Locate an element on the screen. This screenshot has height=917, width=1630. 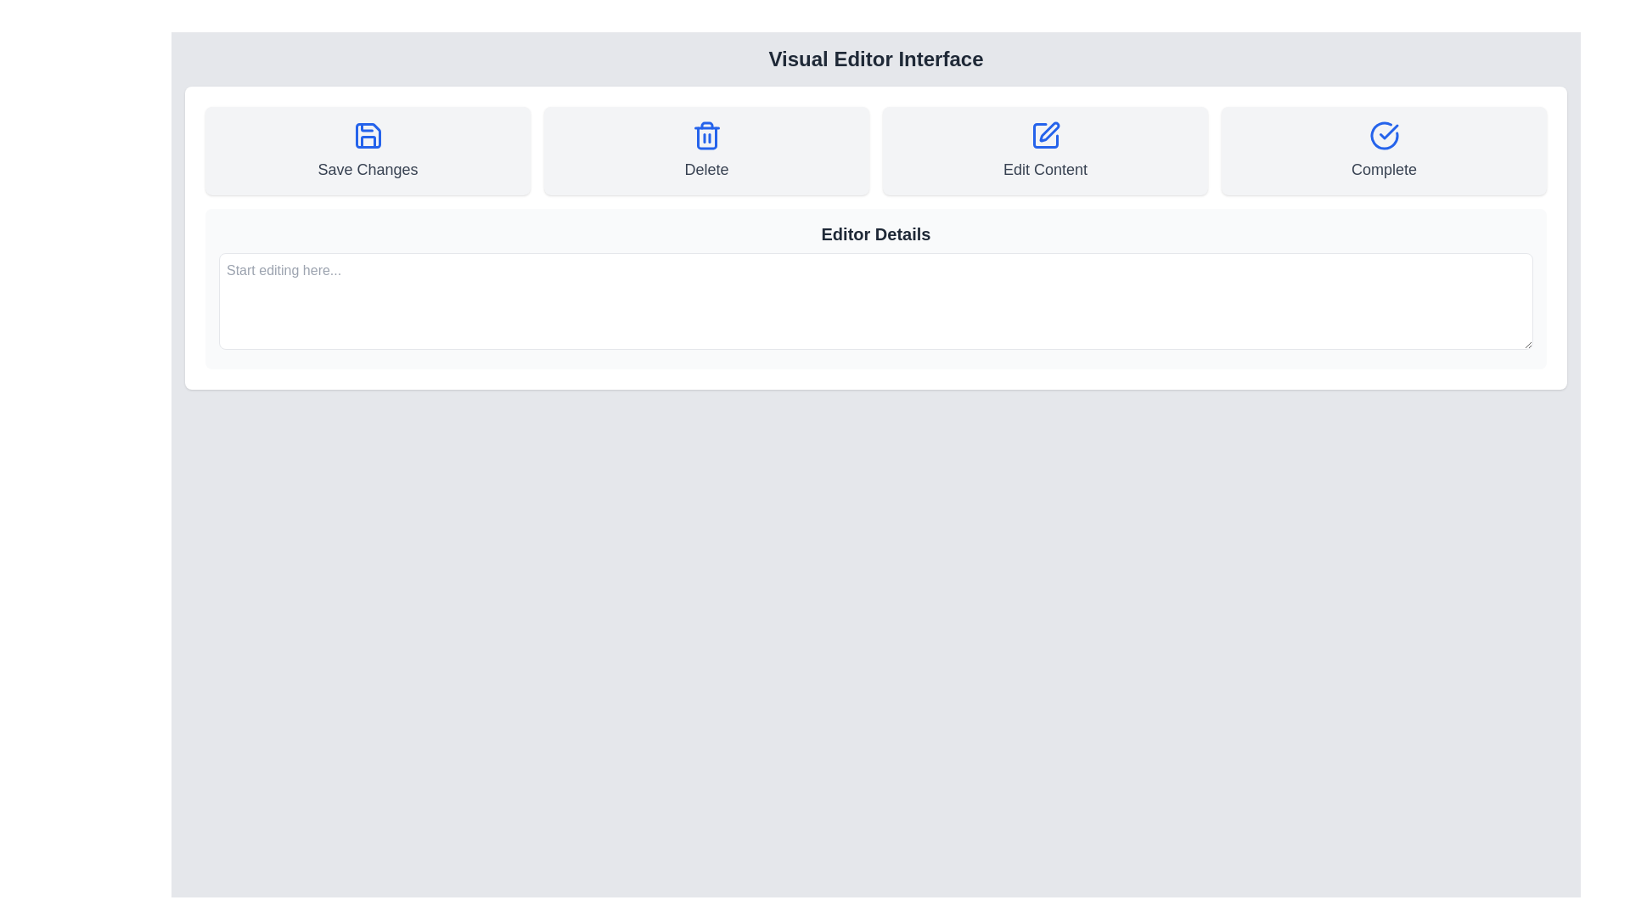
the 'Save Changes' button which contains a floppy disk icon, located in the upper-left section of the UI is located at coordinates (367, 134).